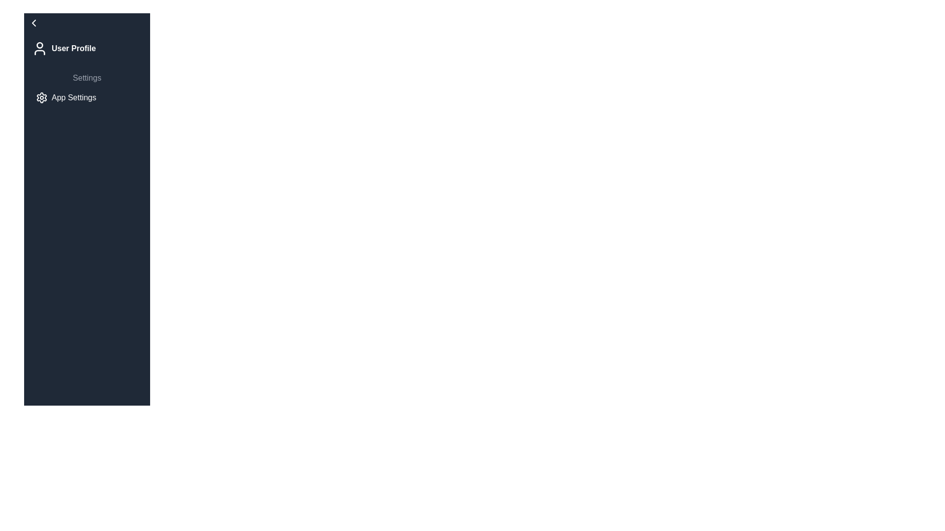 The height and width of the screenshot is (531, 945). Describe the element at coordinates (87, 73) in the screenshot. I see `the text label that groups or categorizes related options, located between 'User Profile' and 'App Settings' on the left side of the interface` at that location.